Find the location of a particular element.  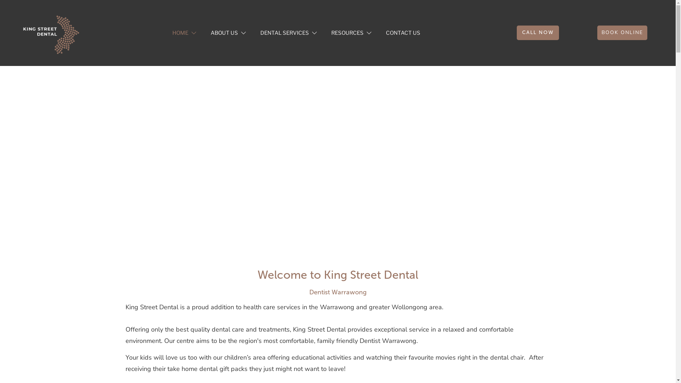

'HOME' is located at coordinates (184, 33).